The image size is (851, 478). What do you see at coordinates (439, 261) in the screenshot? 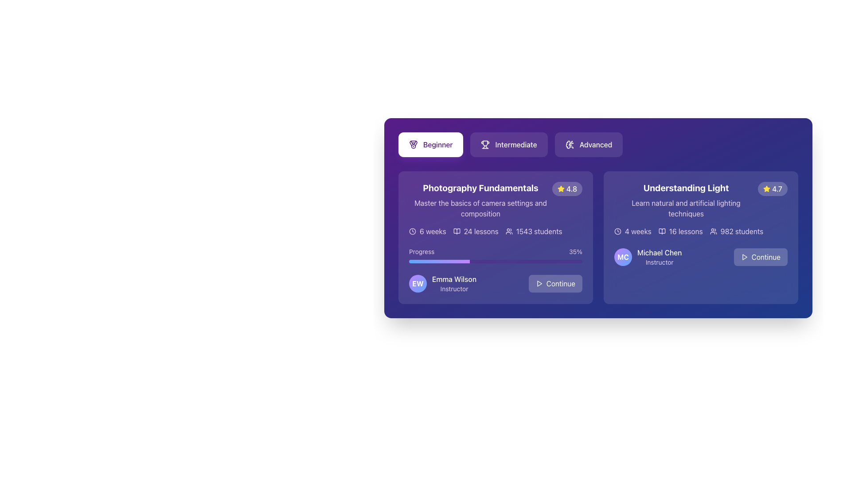
I see `the Progress indicator (progress bar segment) which is a horizontal bar with a gradient color scheme transitioning from blue to purple, representing 35% completion` at bounding box center [439, 261].